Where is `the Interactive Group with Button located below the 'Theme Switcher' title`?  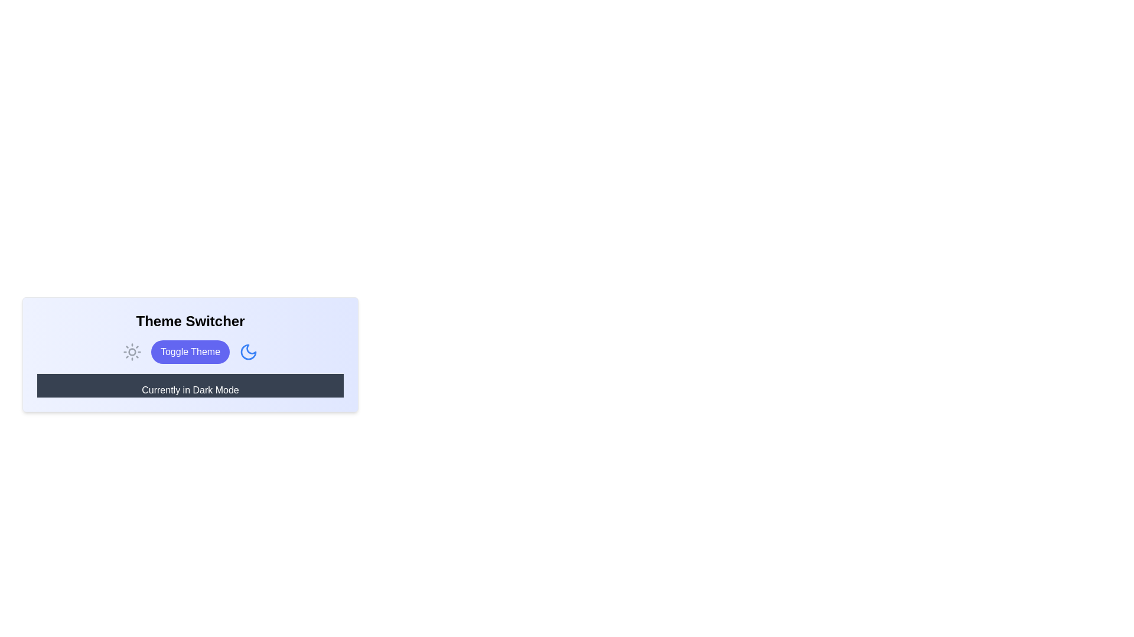 the Interactive Group with Button located below the 'Theme Switcher' title is located at coordinates (190, 352).